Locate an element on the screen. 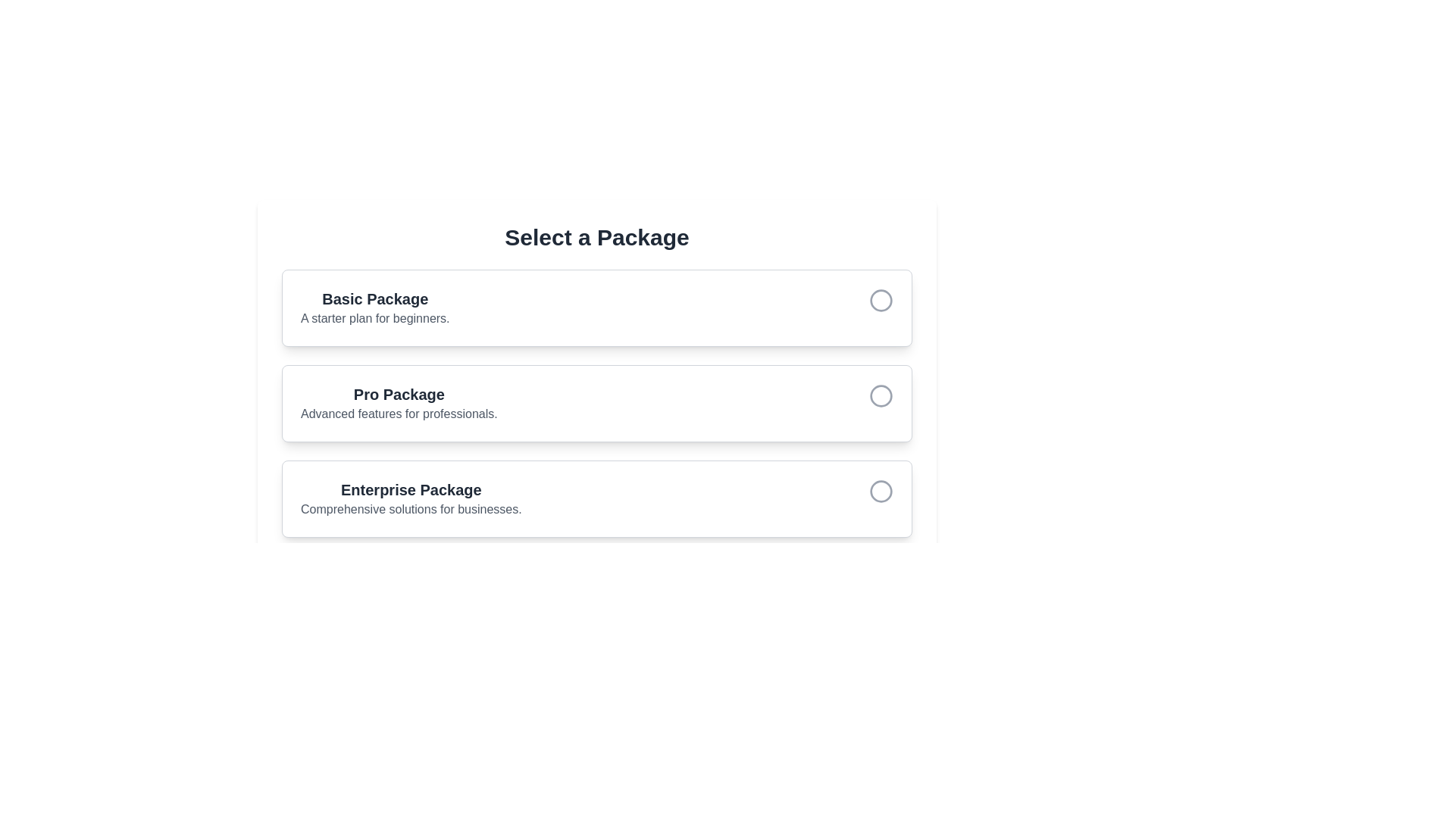 Image resolution: width=1455 pixels, height=818 pixels. the static text label that provides additional context regarding the 'Enterprise Package' selection, located beneath the 'Enterprise Package' text in the third option card of the 'Select a Package' list is located at coordinates (411, 509).